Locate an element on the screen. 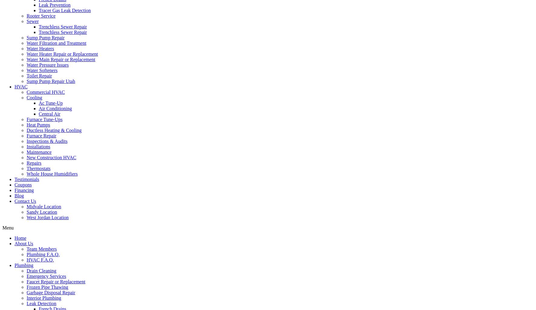 Image resolution: width=536 pixels, height=310 pixels. 'Testimonials' is located at coordinates (14, 179).